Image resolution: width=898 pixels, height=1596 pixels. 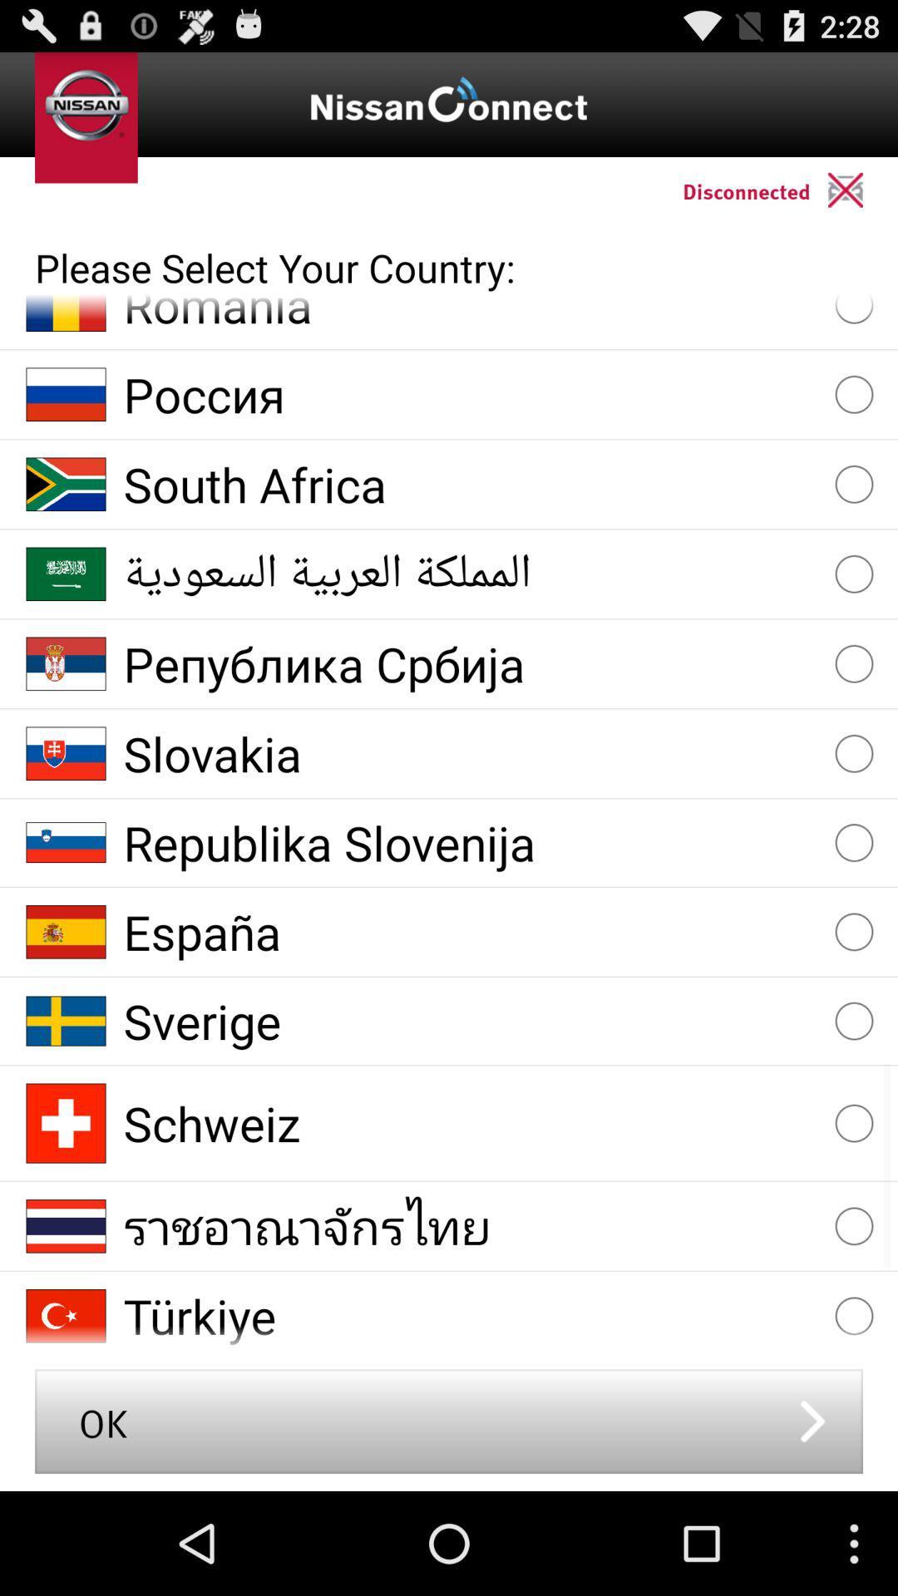 What do you see at coordinates (471, 1020) in the screenshot?
I see `the sverige app` at bounding box center [471, 1020].